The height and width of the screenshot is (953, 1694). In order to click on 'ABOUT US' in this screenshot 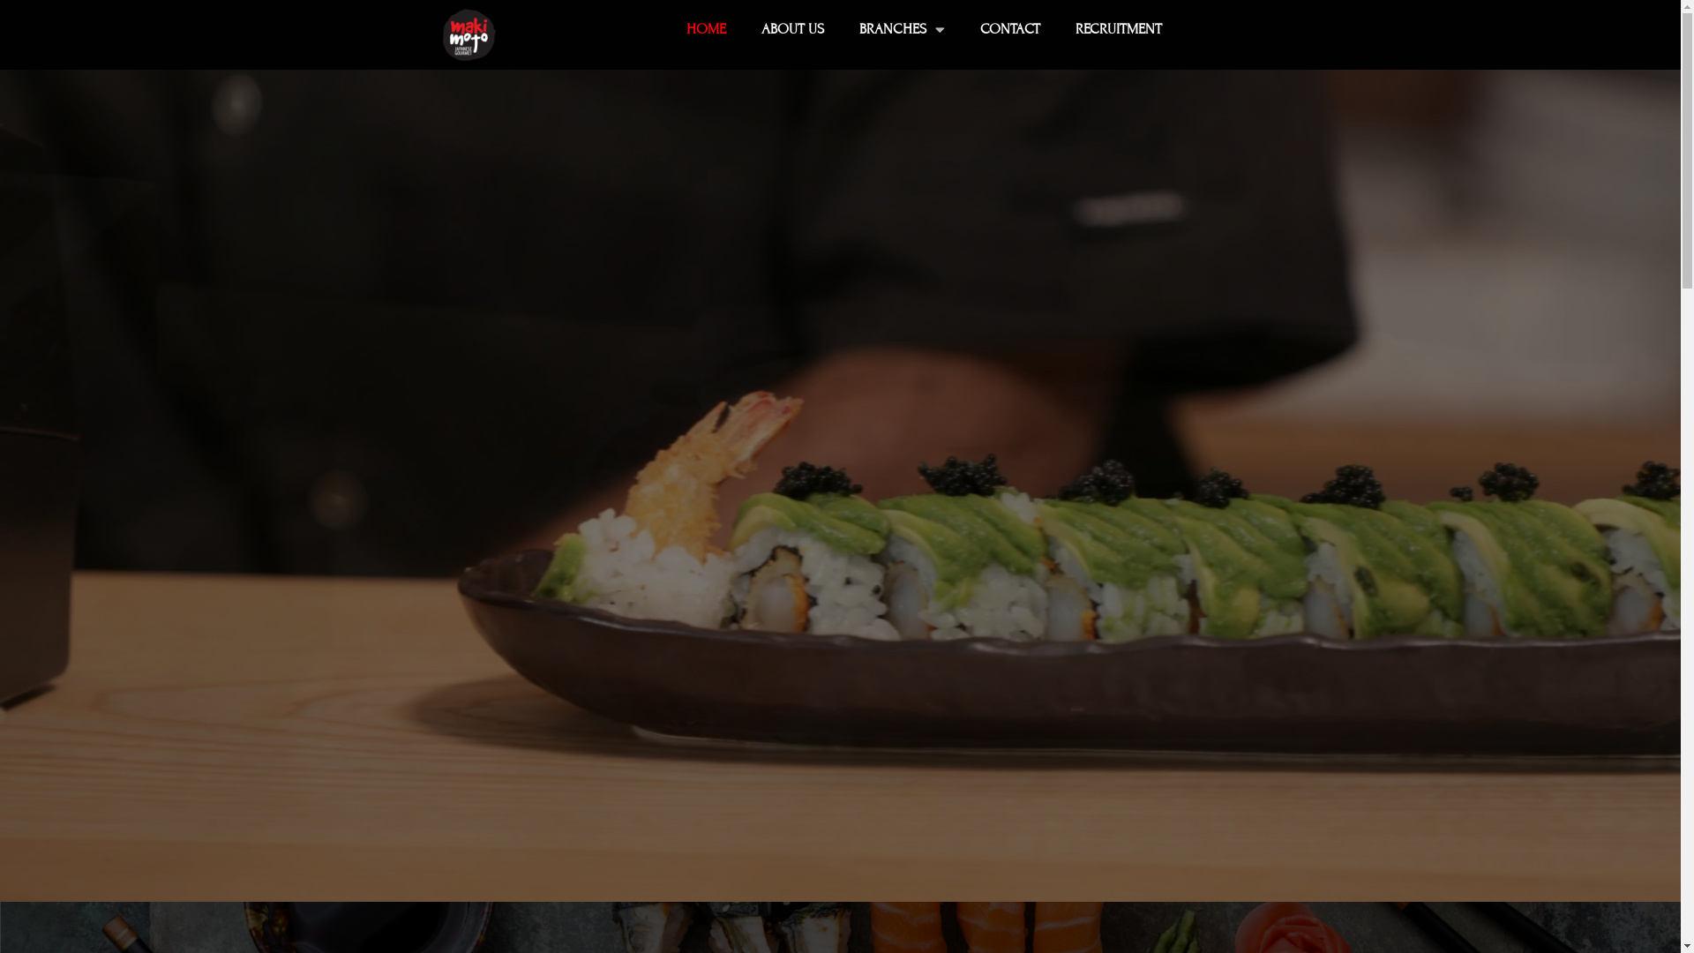, I will do `click(791, 29)`.